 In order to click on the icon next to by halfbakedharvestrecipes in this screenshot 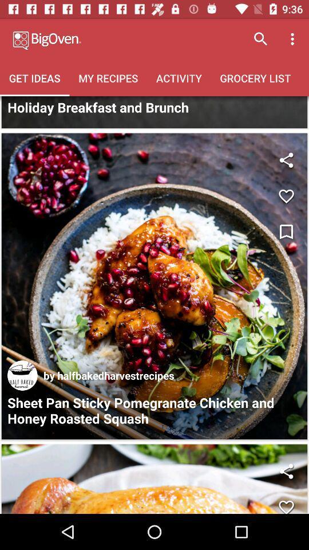, I will do `click(22, 375)`.